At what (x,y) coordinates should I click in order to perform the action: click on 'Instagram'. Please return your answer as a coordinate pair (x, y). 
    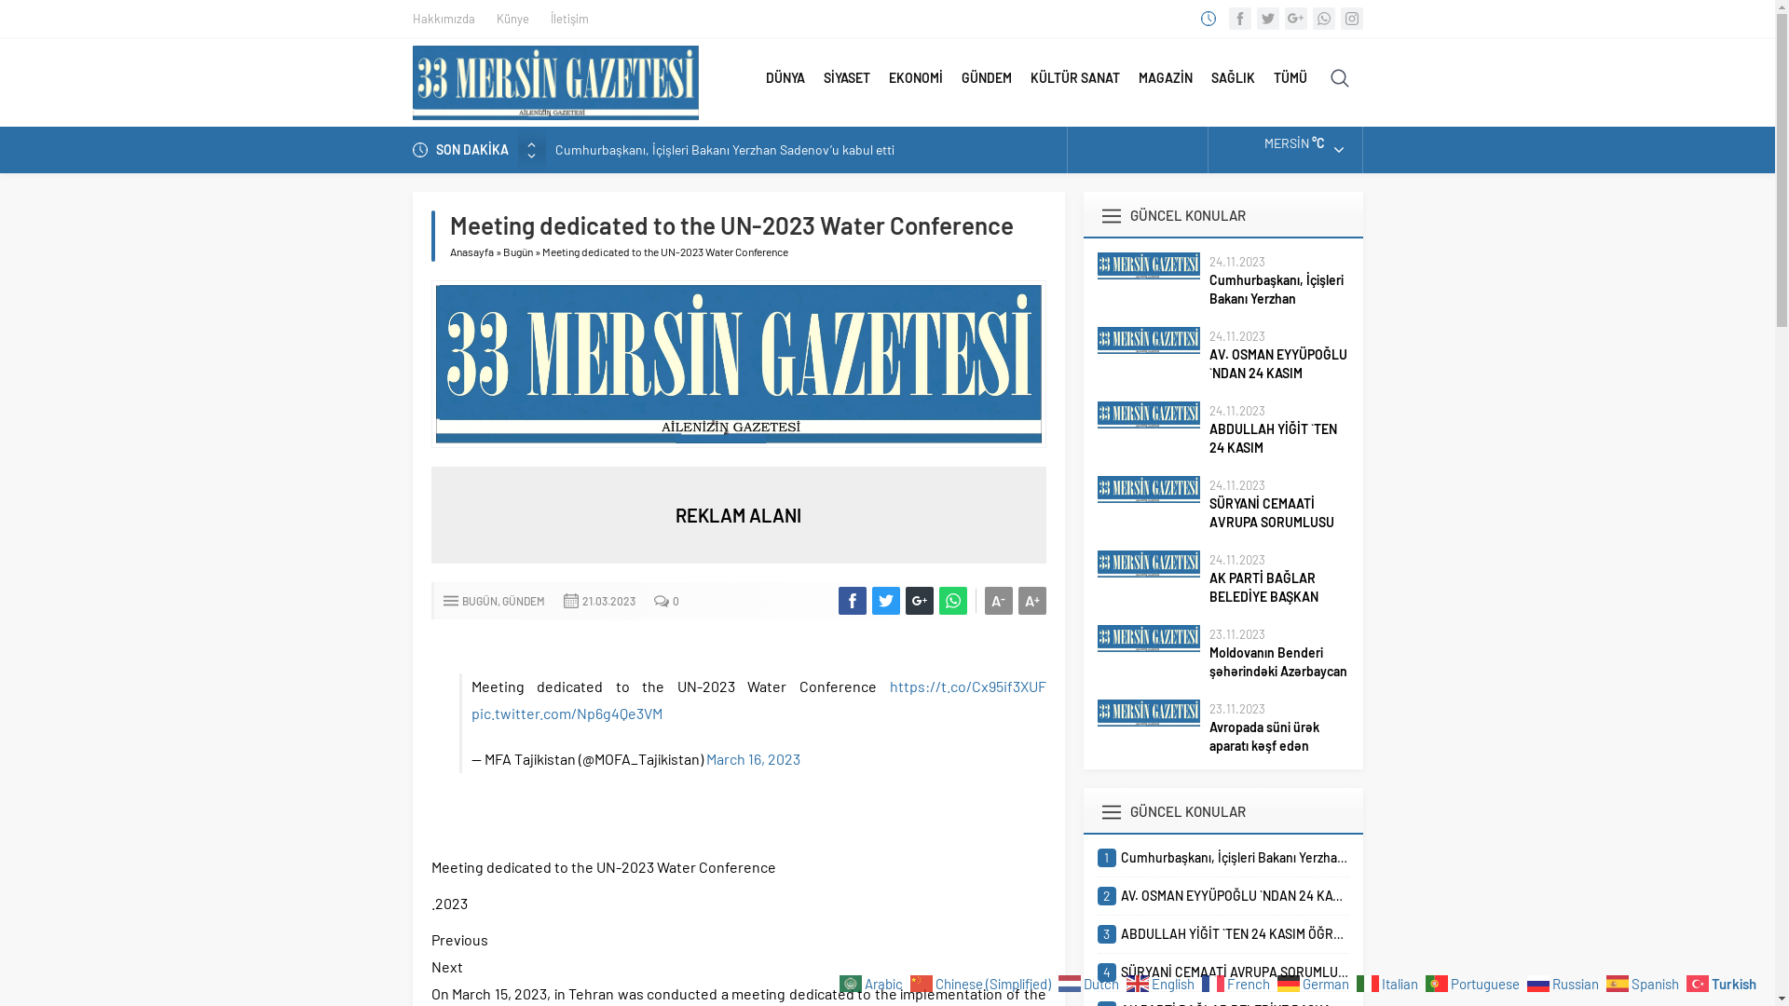
    Looking at the image, I should click on (1350, 18).